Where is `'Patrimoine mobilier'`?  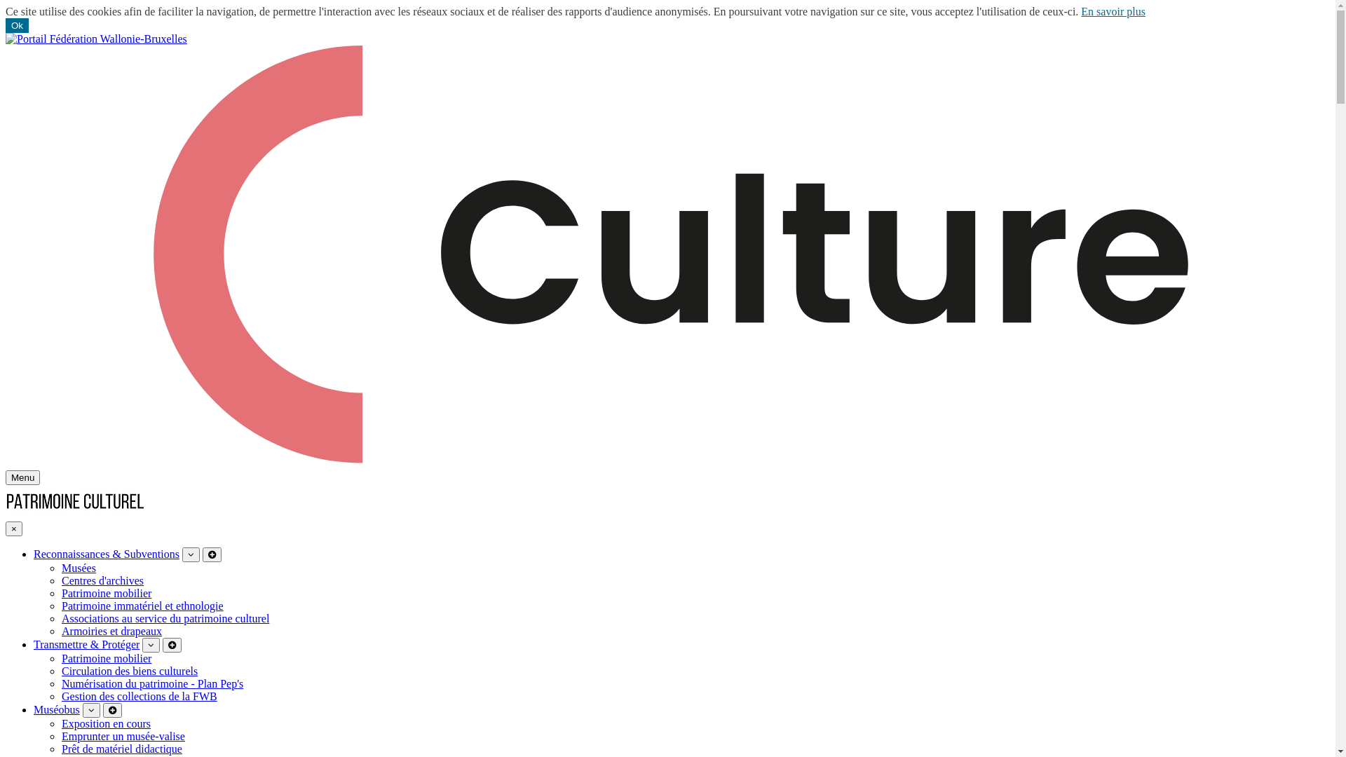 'Patrimoine mobilier' is located at coordinates (106, 593).